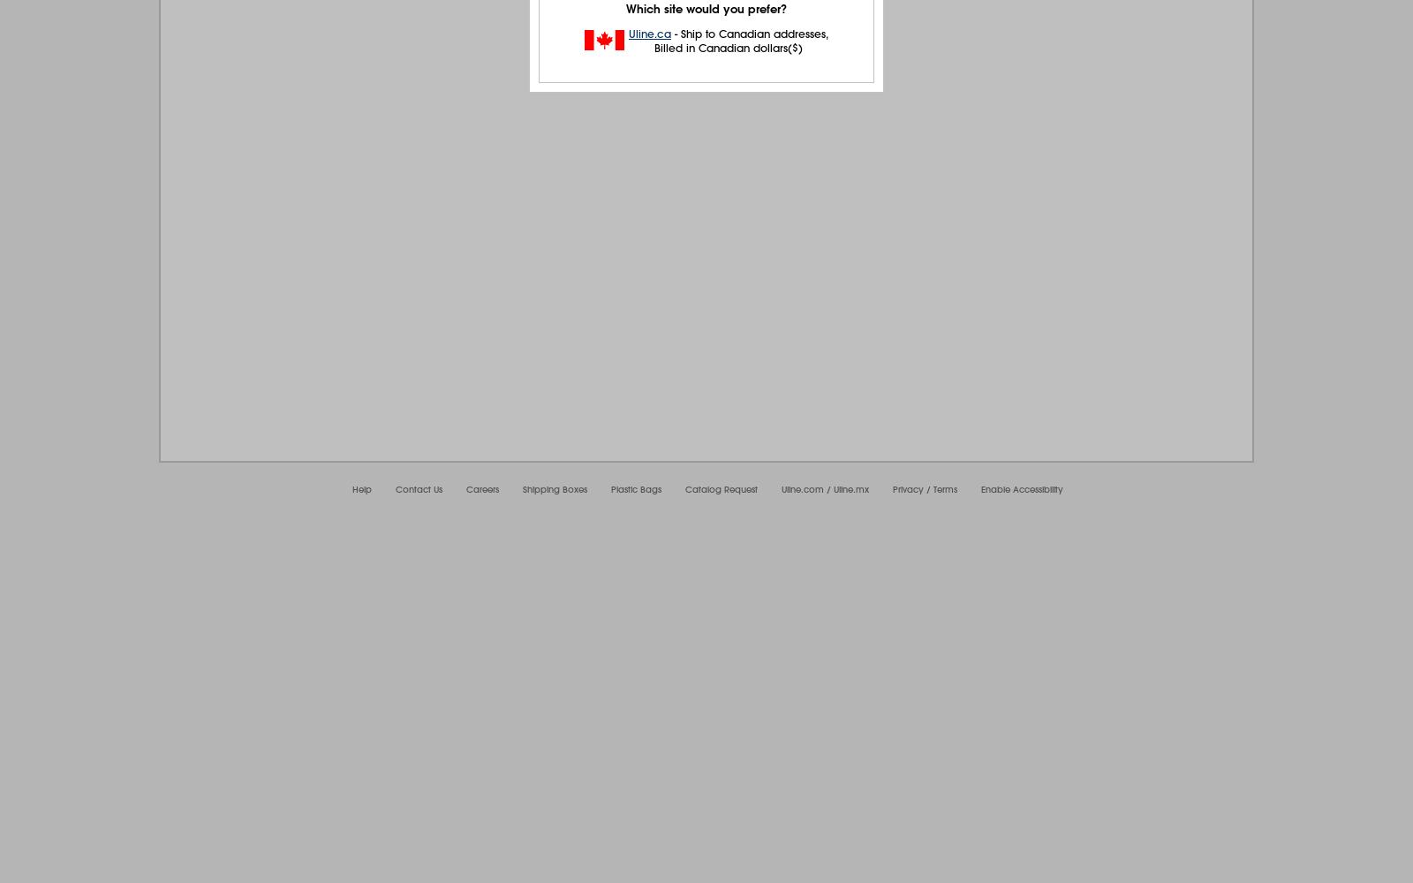 This screenshot has height=883, width=1413. I want to click on 'Enable Accessibility', so click(1022, 489).